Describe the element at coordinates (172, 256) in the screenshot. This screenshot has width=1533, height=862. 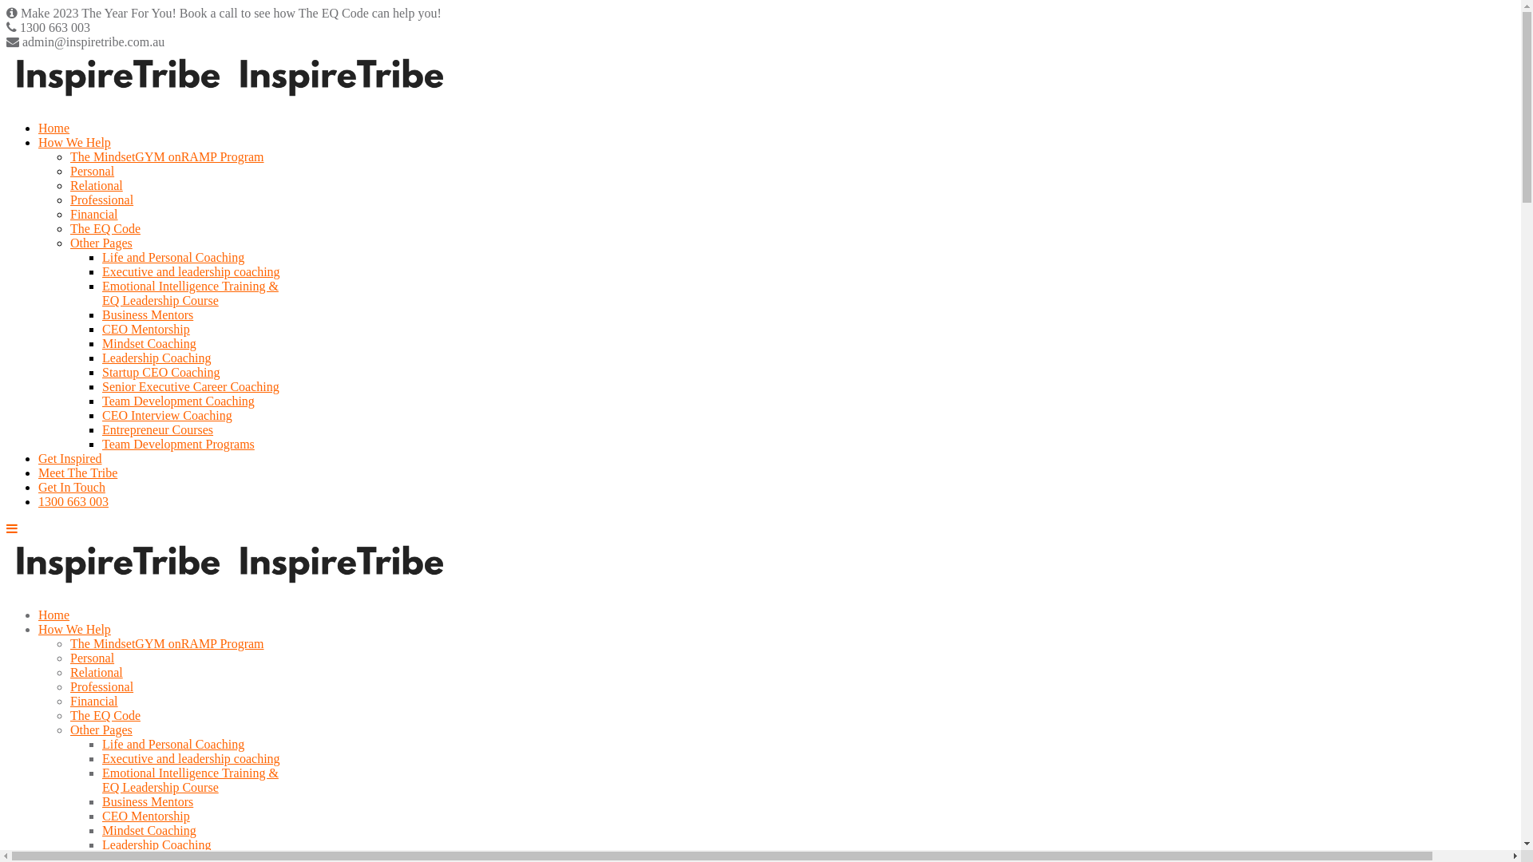
I see `'Life and Personal Coaching'` at that location.